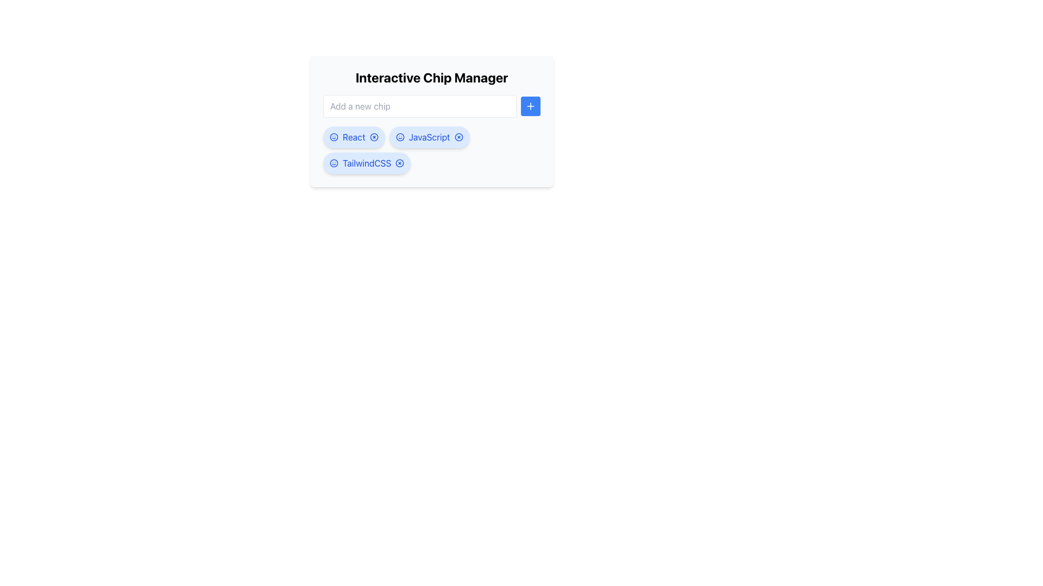  What do you see at coordinates (458, 137) in the screenshot?
I see `the circular graphic background of the close/remove icon for the 'JavaScript' chip, which is located at the right end of the chip` at bounding box center [458, 137].